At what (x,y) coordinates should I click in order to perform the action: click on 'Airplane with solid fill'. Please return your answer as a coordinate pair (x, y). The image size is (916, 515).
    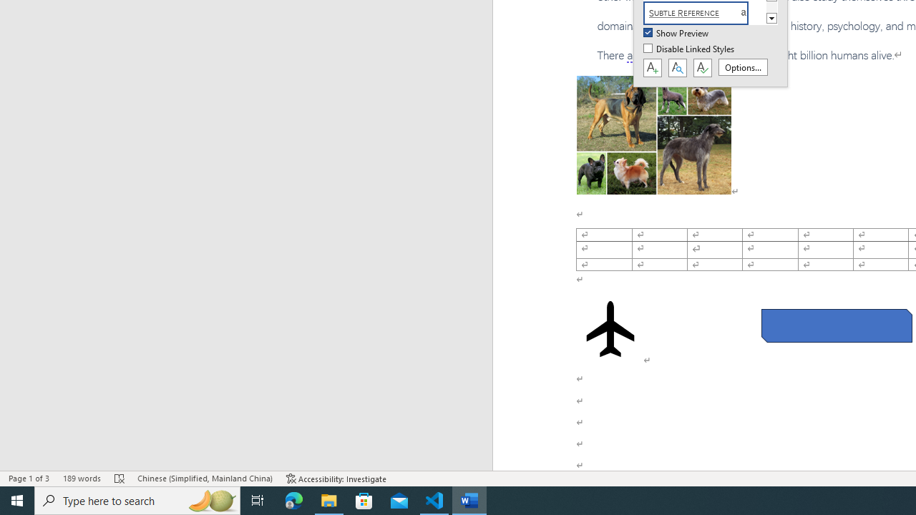
    Looking at the image, I should click on (610, 329).